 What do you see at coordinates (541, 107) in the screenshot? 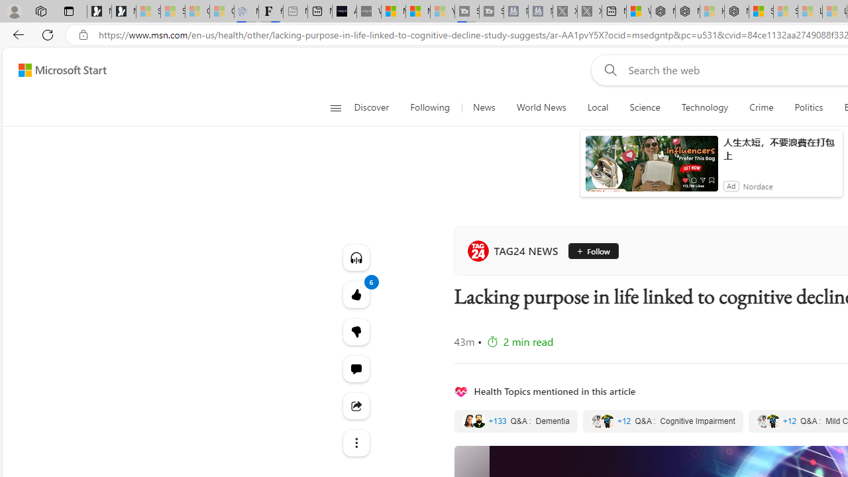
I see `'World News'` at bounding box center [541, 107].